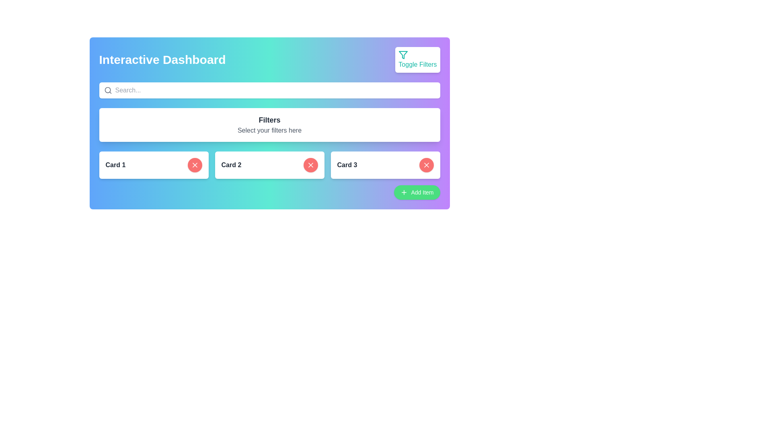 The height and width of the screenshot is (434, 772). Describe the element at coordinates (107, 90) in the screenshot. I see `the search icon located at the left side of the text input field with the placeholder 'Search...'` at that location.